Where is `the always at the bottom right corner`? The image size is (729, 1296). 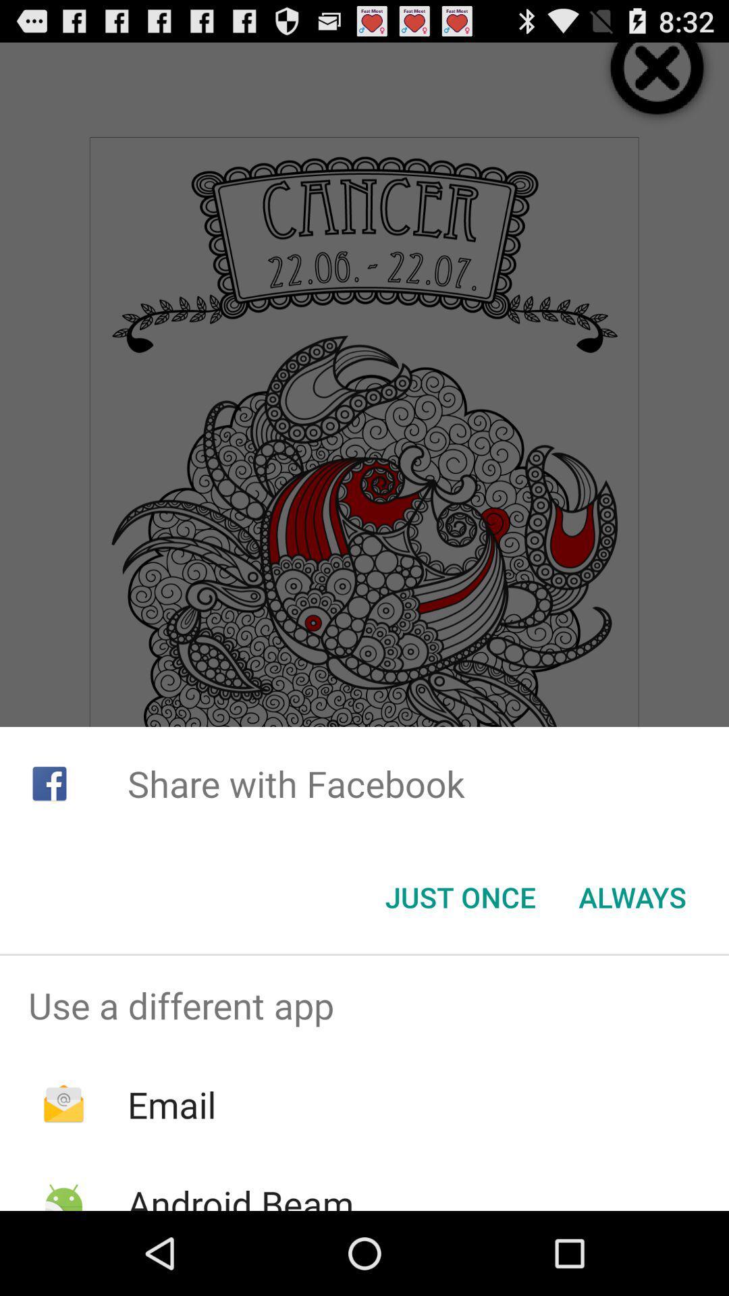 the always at the bottom right corner is located at coordinates (632, 897).